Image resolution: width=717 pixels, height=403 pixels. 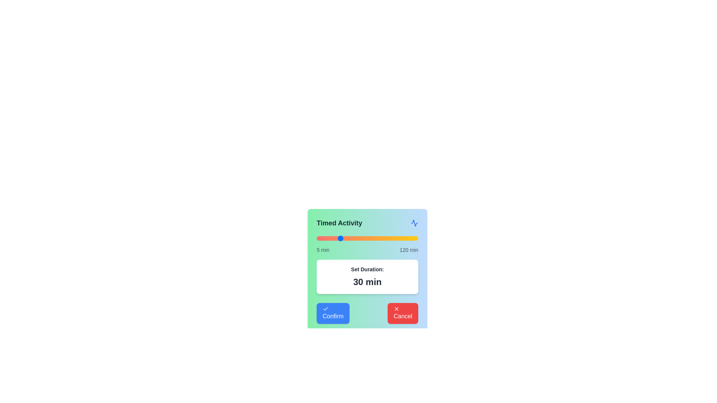 What do you see at coordinates (333, 313) in the screenshot?
I see `the 'Confirm' button to finalize the selection` at bounding box center [333, 313].